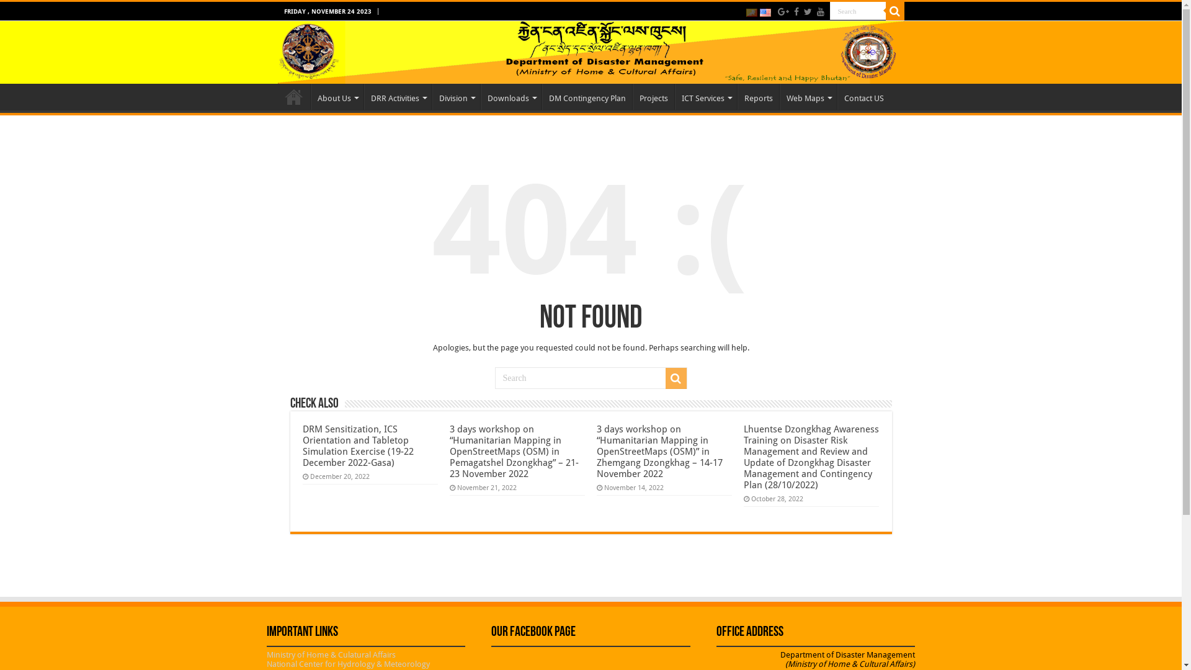 The height and width of the screenshot is (670, 1191). Describe the element at coordinates (362, 96) in the screenshot. I see `'DRR Activities'` at that location.